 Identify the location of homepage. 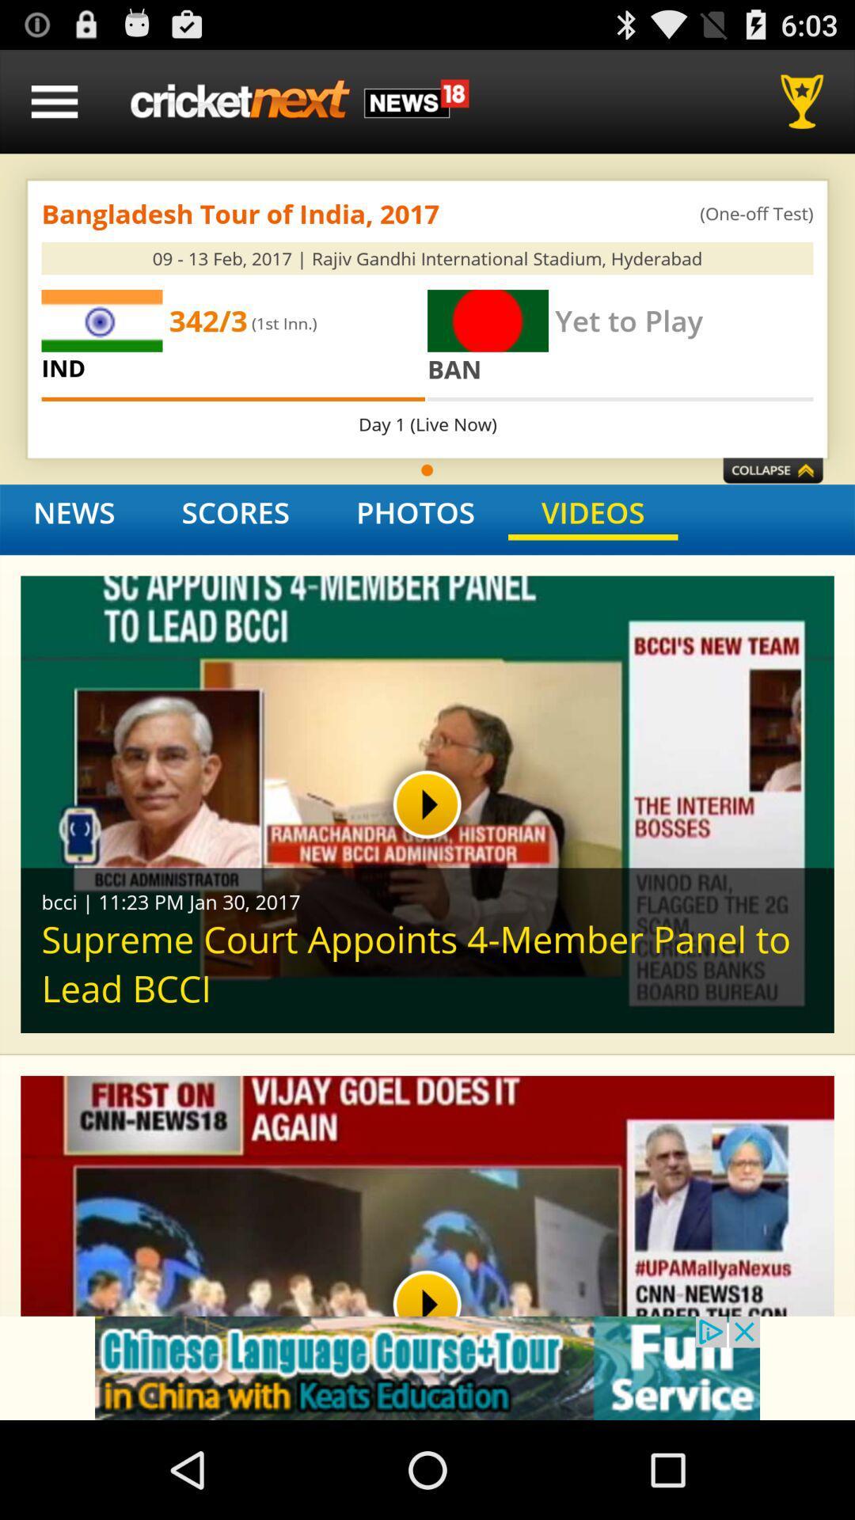
(299, 101).